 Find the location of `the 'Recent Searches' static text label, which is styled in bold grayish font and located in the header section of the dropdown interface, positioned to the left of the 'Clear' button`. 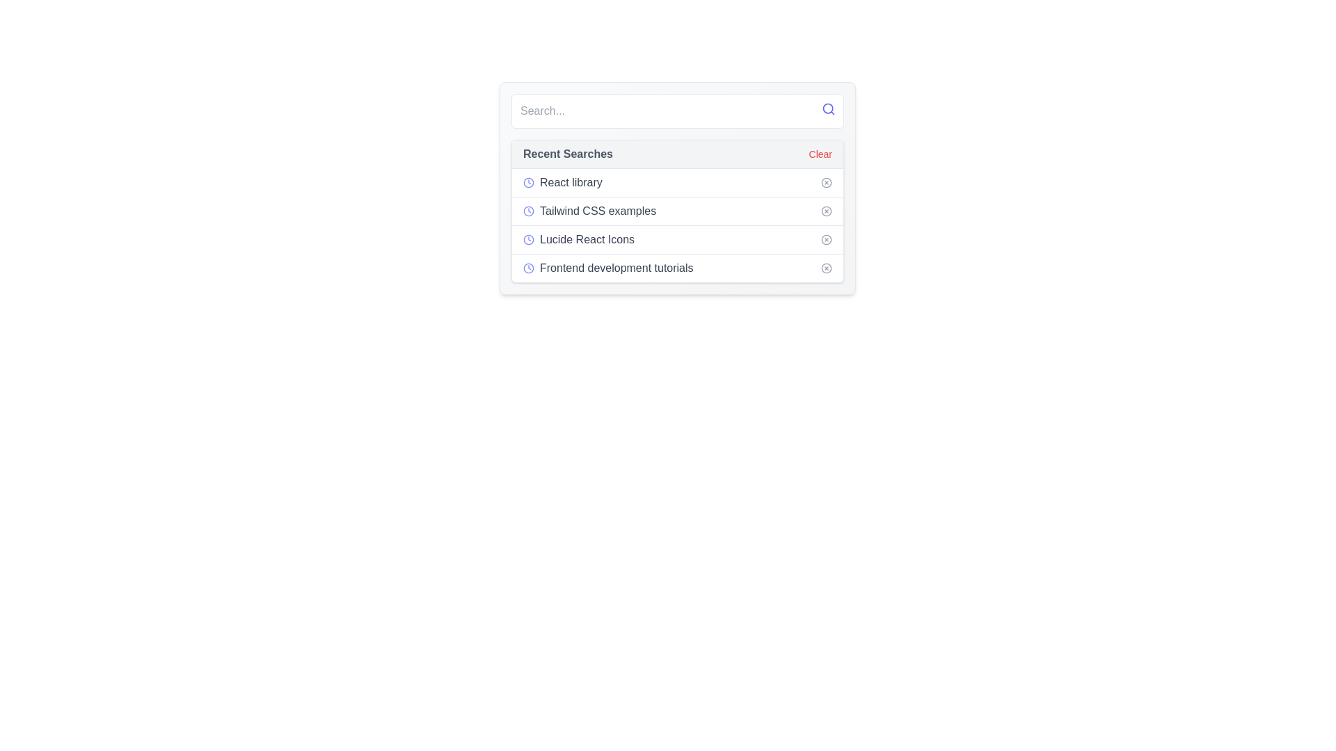

the 'Recent Searches' static text label, which is styled in bold grayish font and located in the header section of the dropdown interface, positioned to the left of the 'Clear' button is located at coordinates (568, 154).